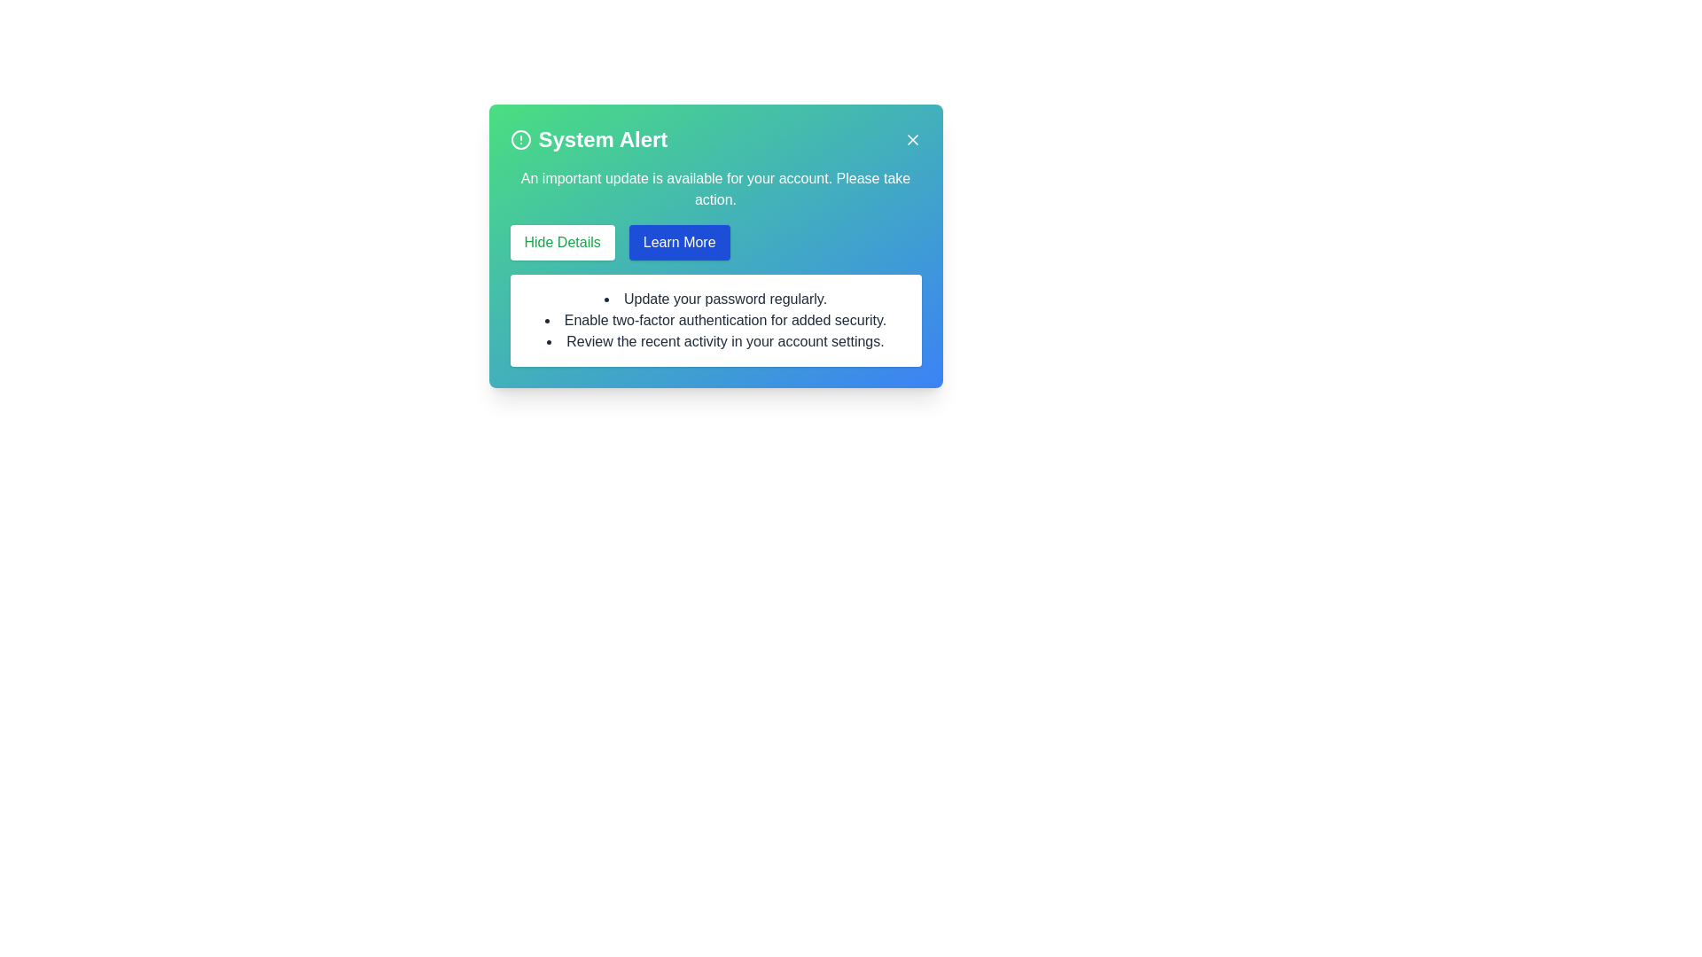 This screenshot has height=957, width=1702. What do you see at coordinates (678, 242) in the screenshot?
I see `the 'Learn More' button, which has a blue background and white text` at bounding box center [678, 242].